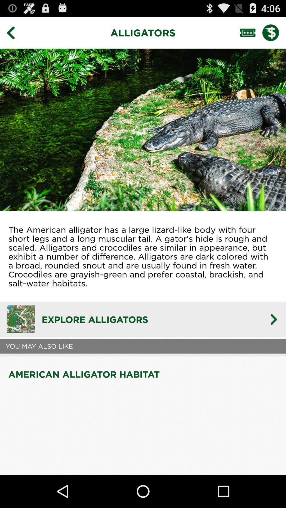  I want to click on see pricing, so click(274, 32).